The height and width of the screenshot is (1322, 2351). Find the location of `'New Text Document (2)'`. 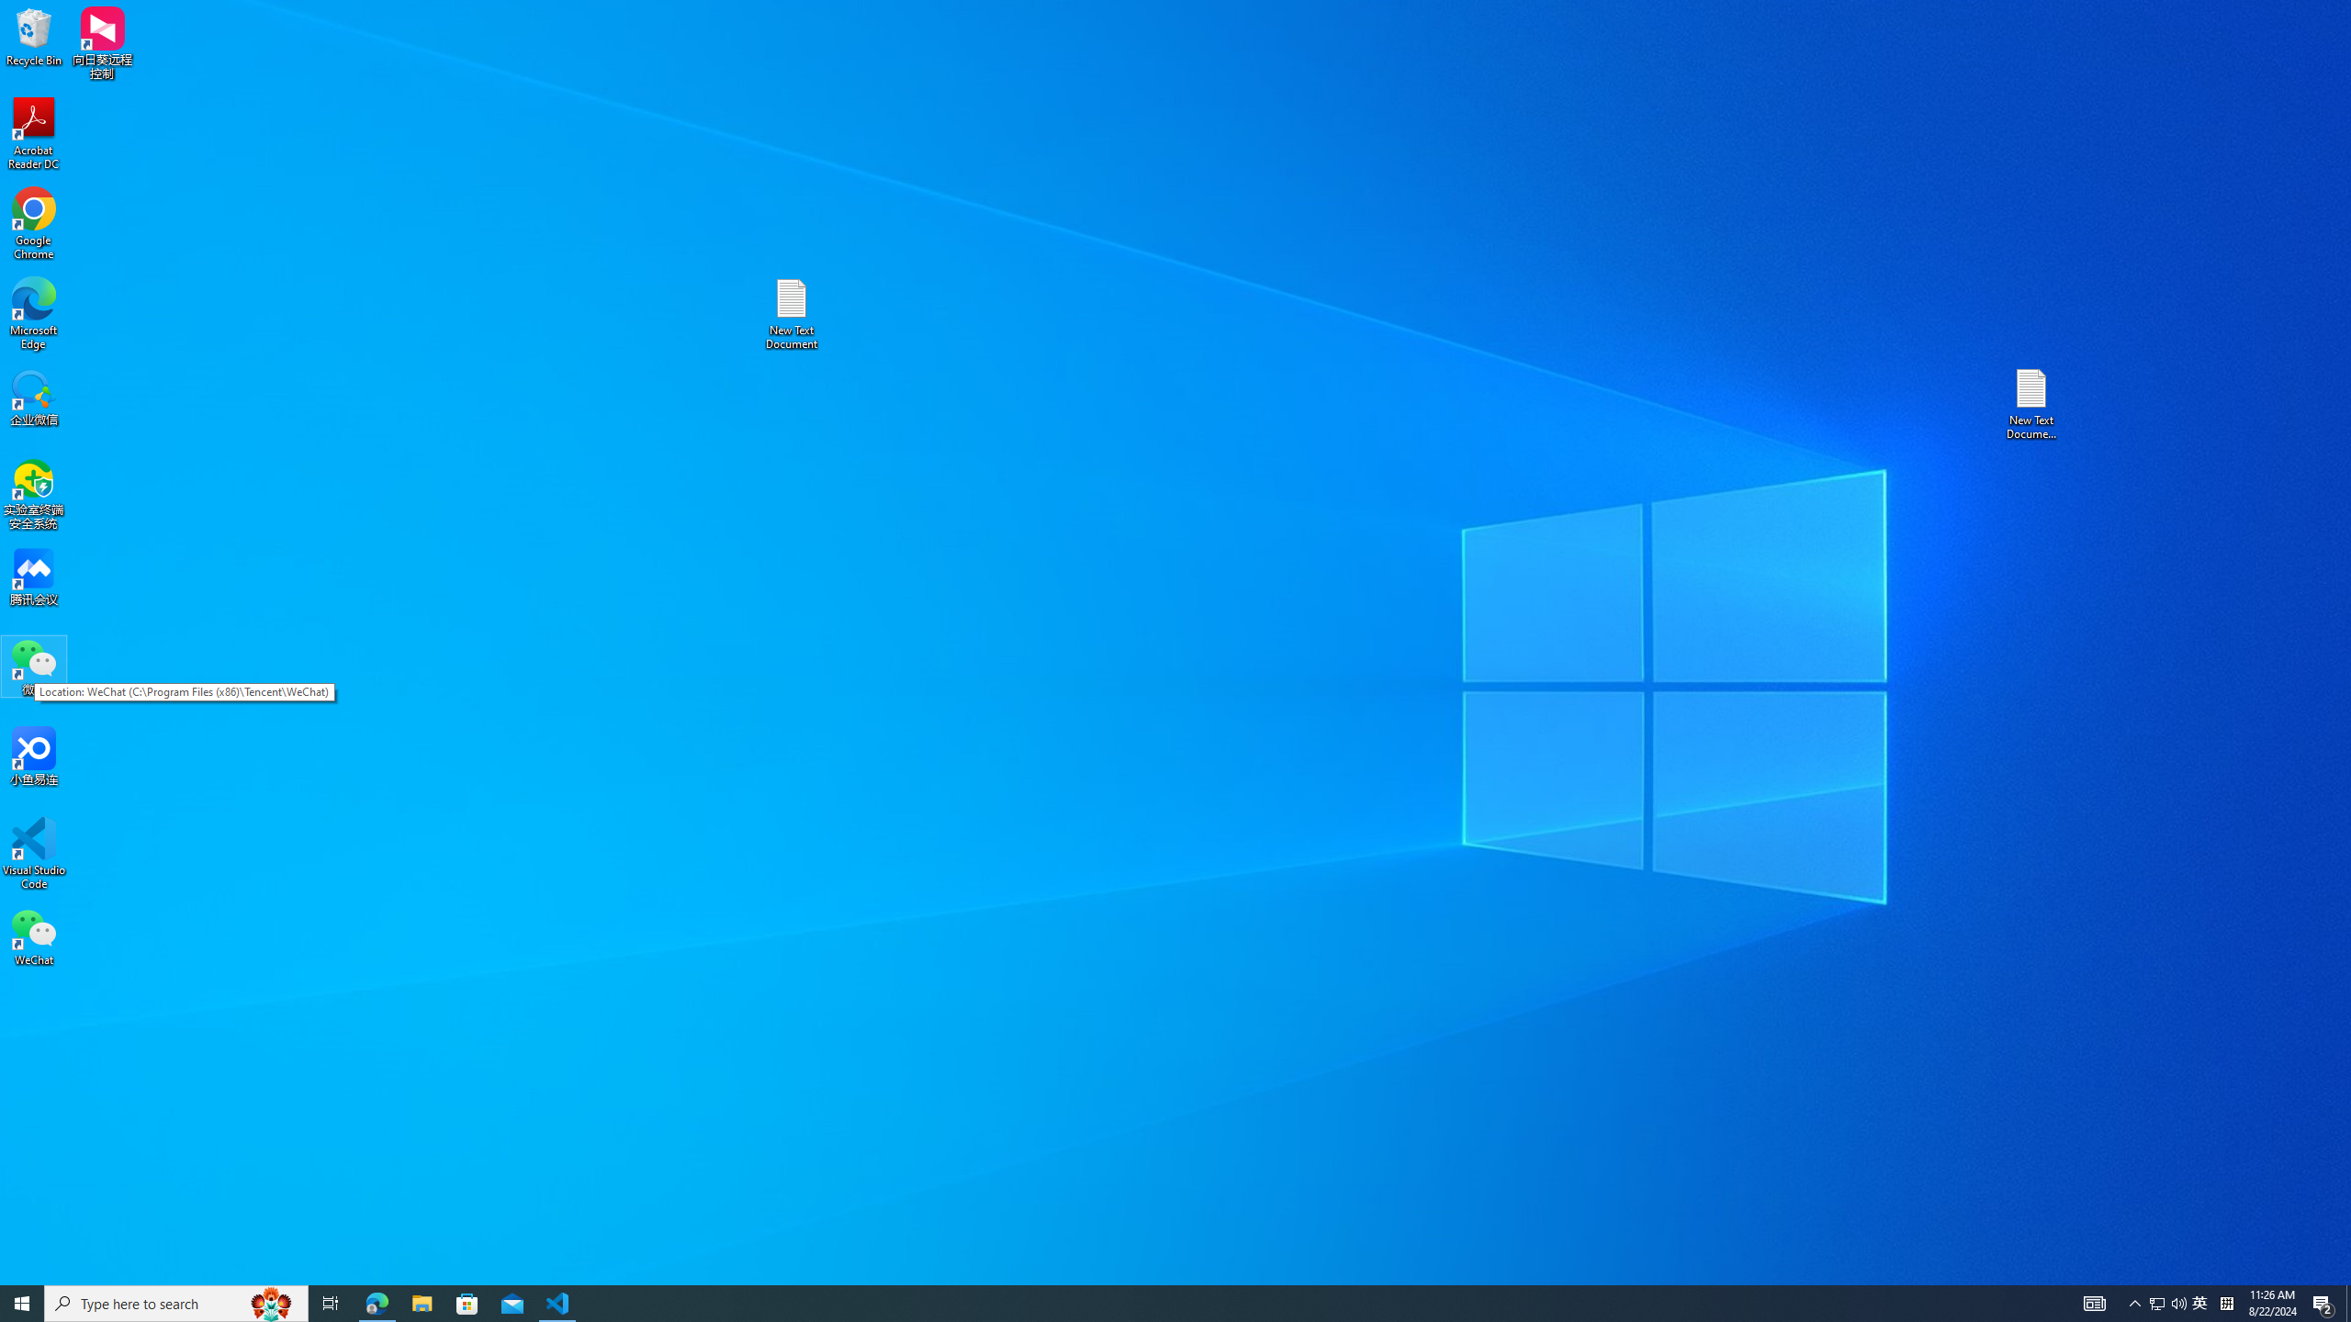

'New Text Document (2)' is located at coordinates (2032, 402).